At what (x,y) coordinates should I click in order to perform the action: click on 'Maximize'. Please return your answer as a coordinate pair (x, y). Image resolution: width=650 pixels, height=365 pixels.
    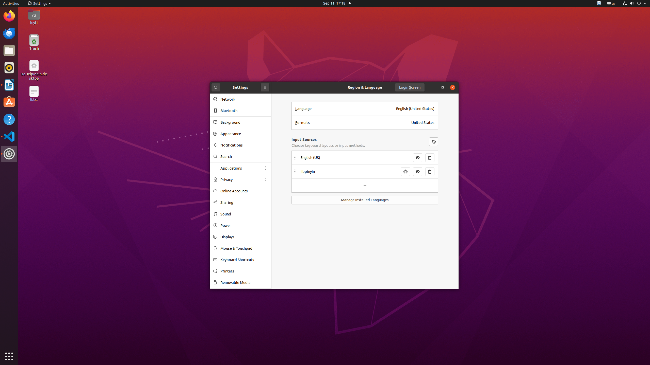
    Looking at the image, I should click on (442, 87).